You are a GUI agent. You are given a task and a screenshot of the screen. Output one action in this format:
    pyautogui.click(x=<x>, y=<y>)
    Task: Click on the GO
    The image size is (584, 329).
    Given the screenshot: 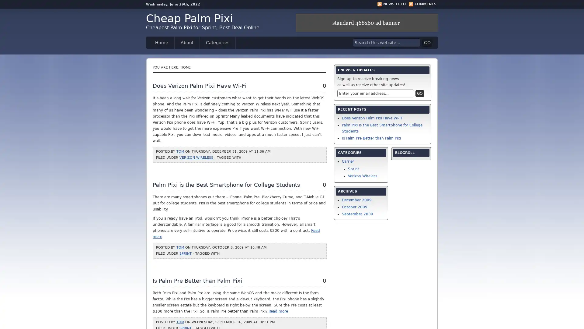 What is the action you would take?
    pyautogui.click(x=427, y=42)
    